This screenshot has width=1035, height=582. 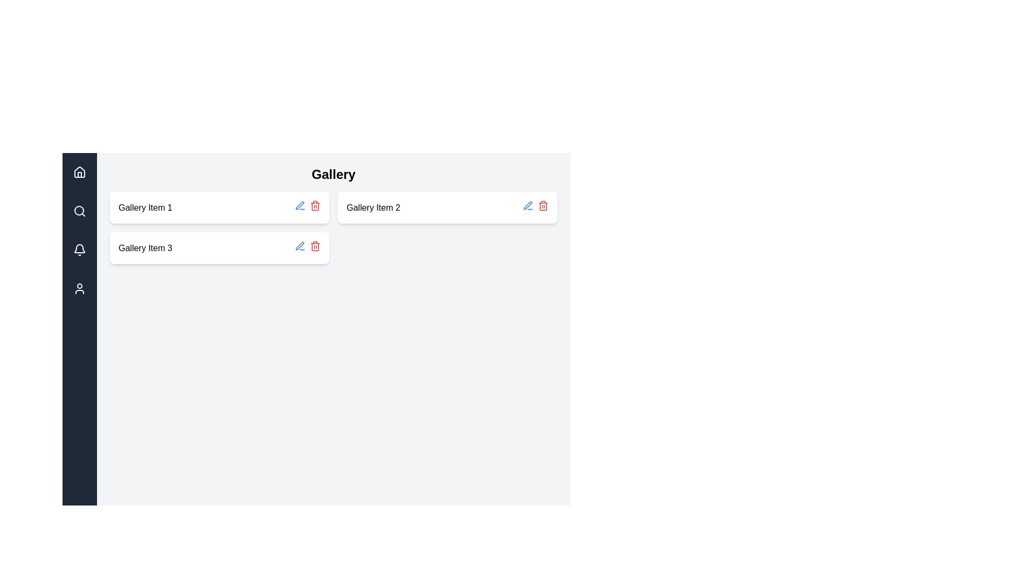 I want to click on the house-shaped icon button at the top of the vertical navigation sidebar, so click(x=79, y=172).